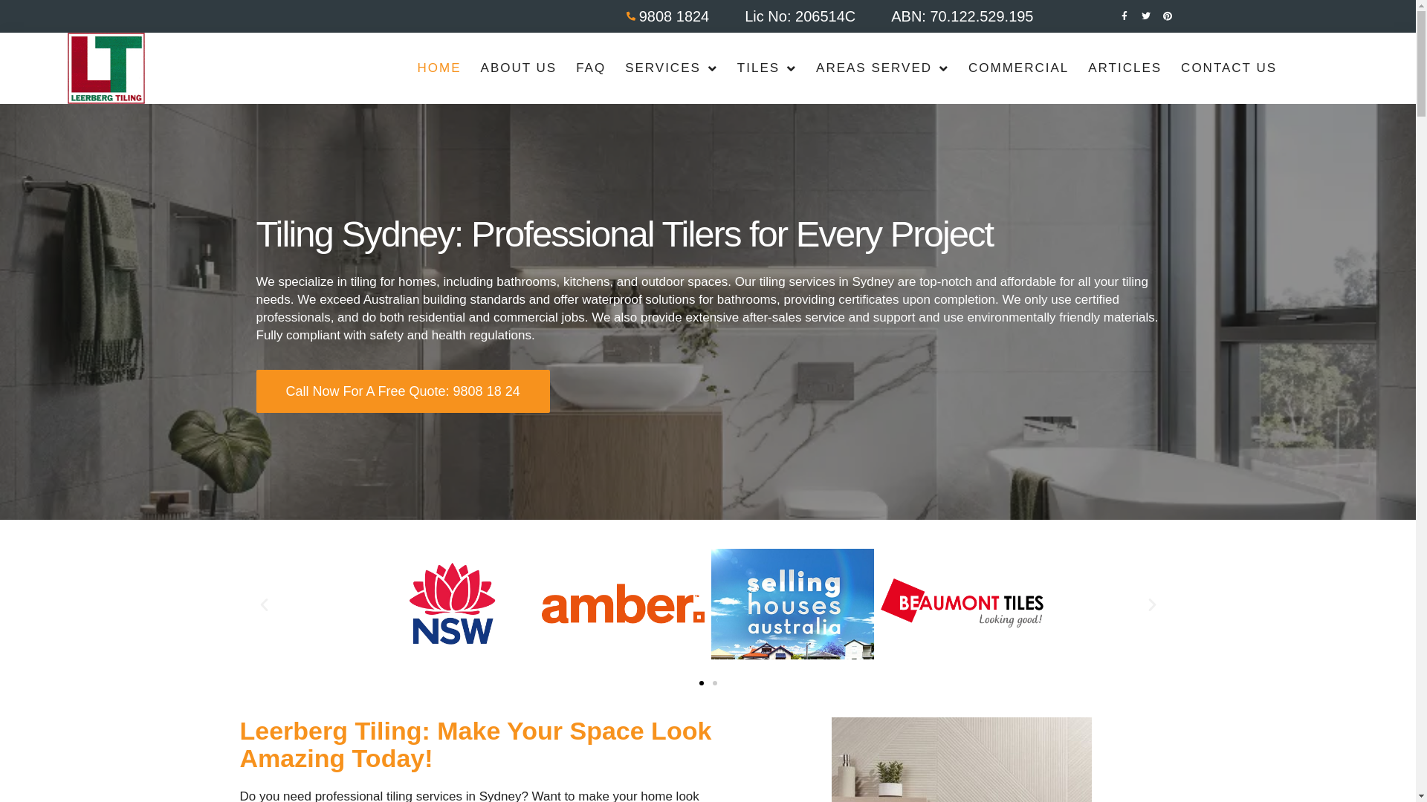 The width and height of the screenshot is (1427, 802). I want to click on 'ARTICLES', so click(1078, 68).